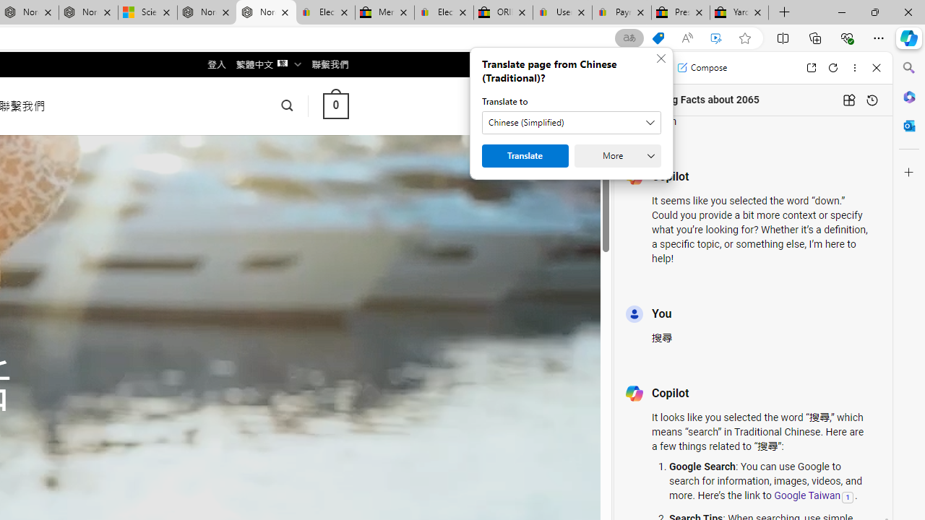  Describe the element at coordinates (621, 12) in the screenshot. I see `'Payments Terms of Use | eBay.com'` at that location.